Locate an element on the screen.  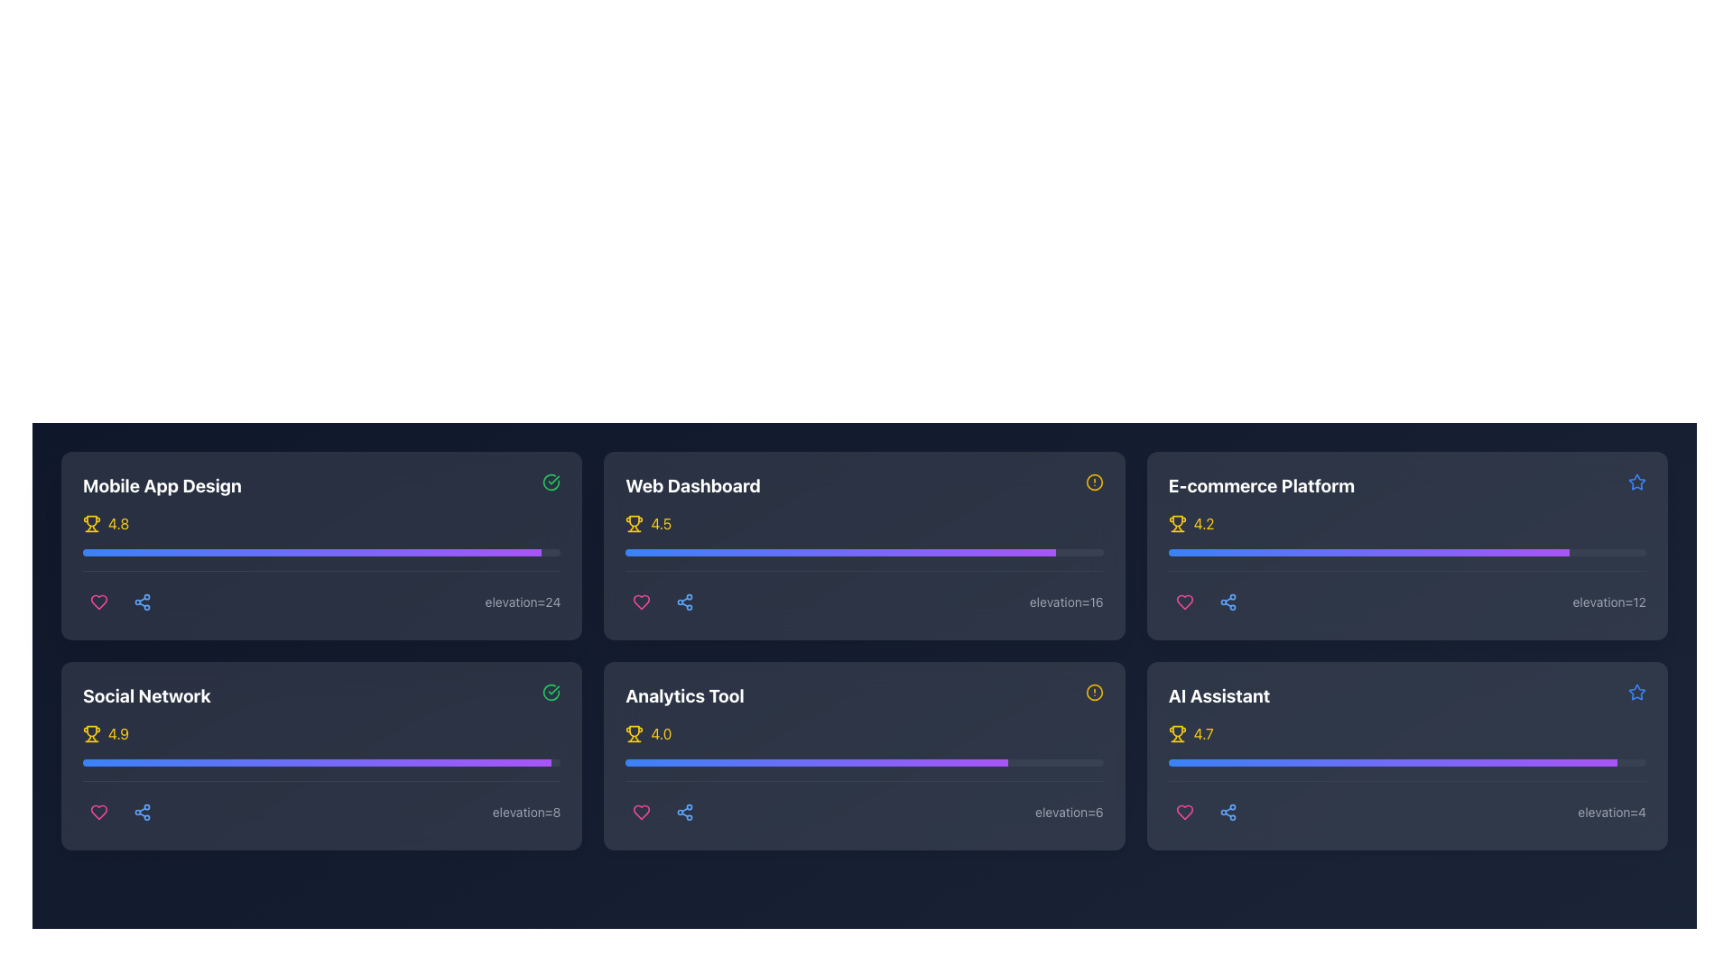
the progress bar value is located at coordinates (1493, 552).